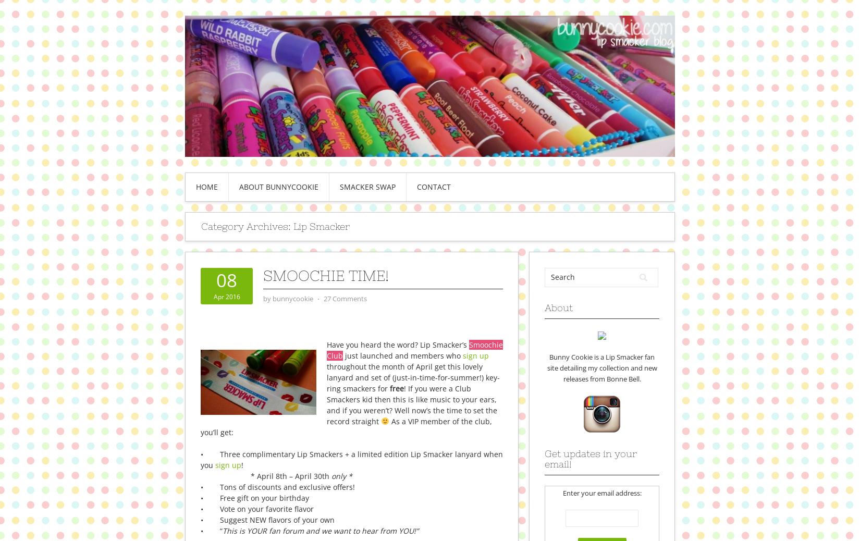 Image resolution: width=860 pixels, height=541 pixels. I want to click on '*', so click(228, 475).